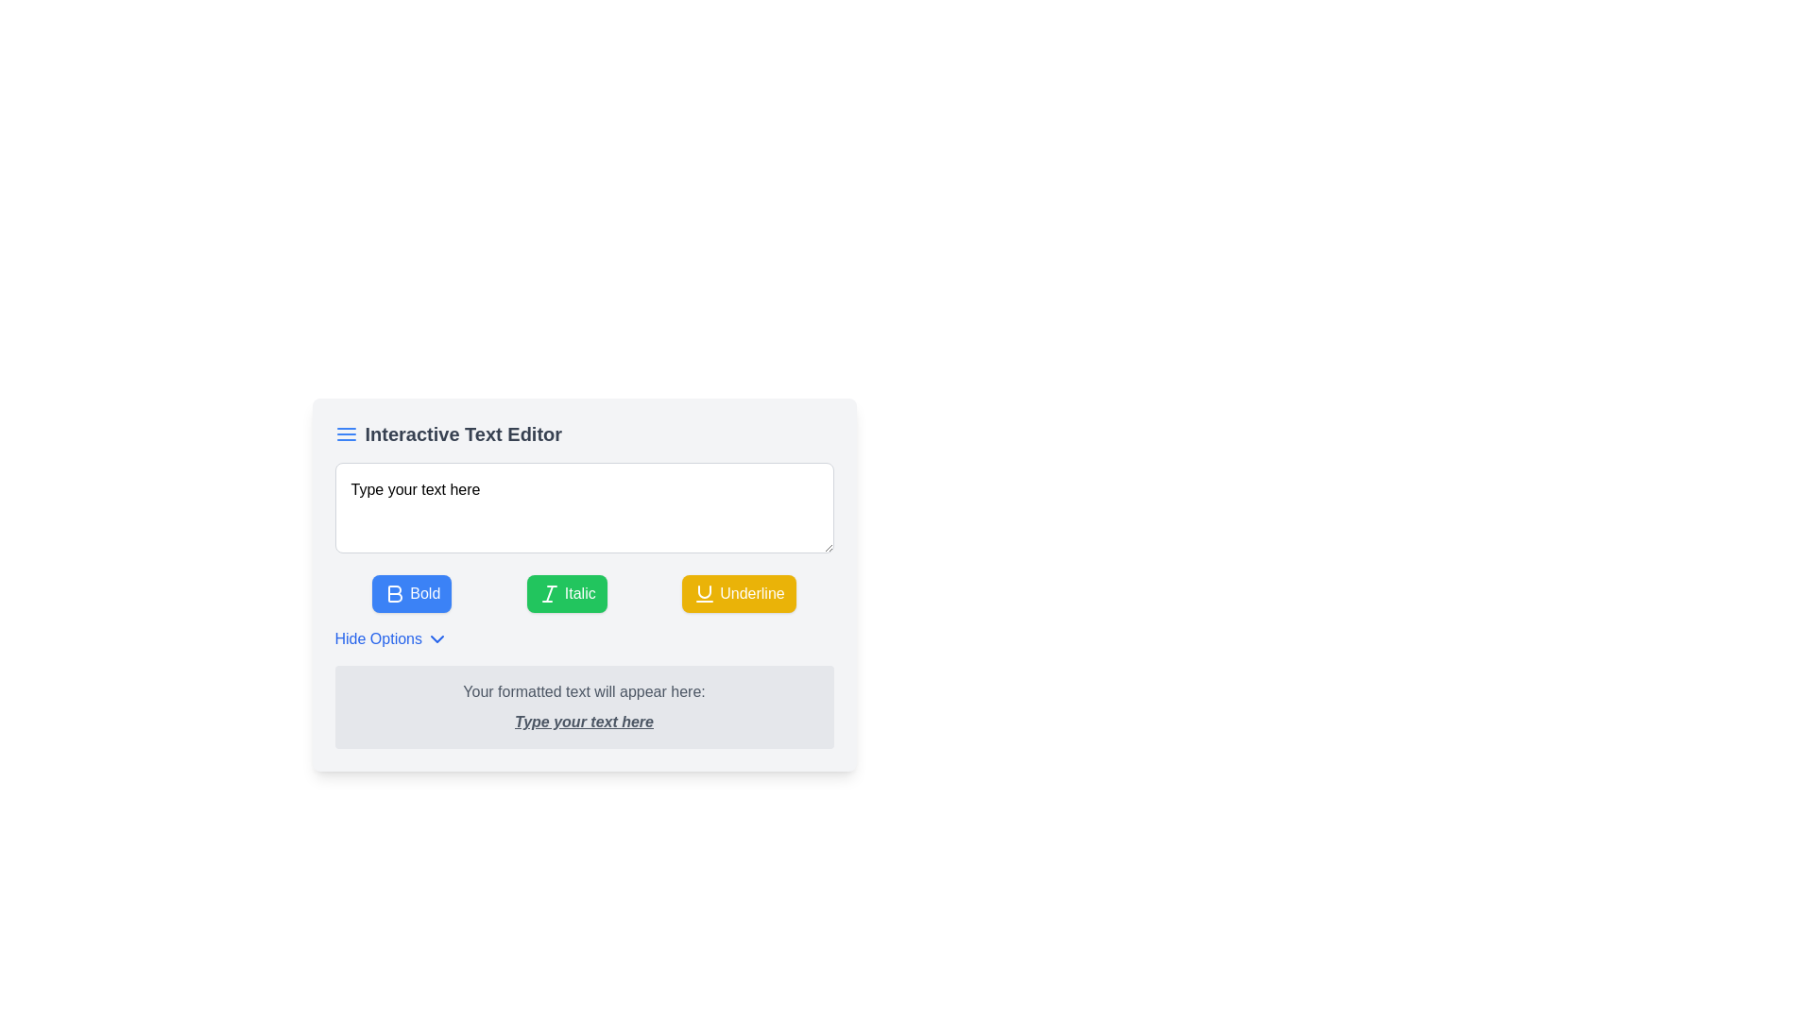 The width and height of the screenshot is (1814, 1020). Describe the element at coordinates (411, 592) in the screenshot. I see `the 'Bold' button in the text editor` at that location.